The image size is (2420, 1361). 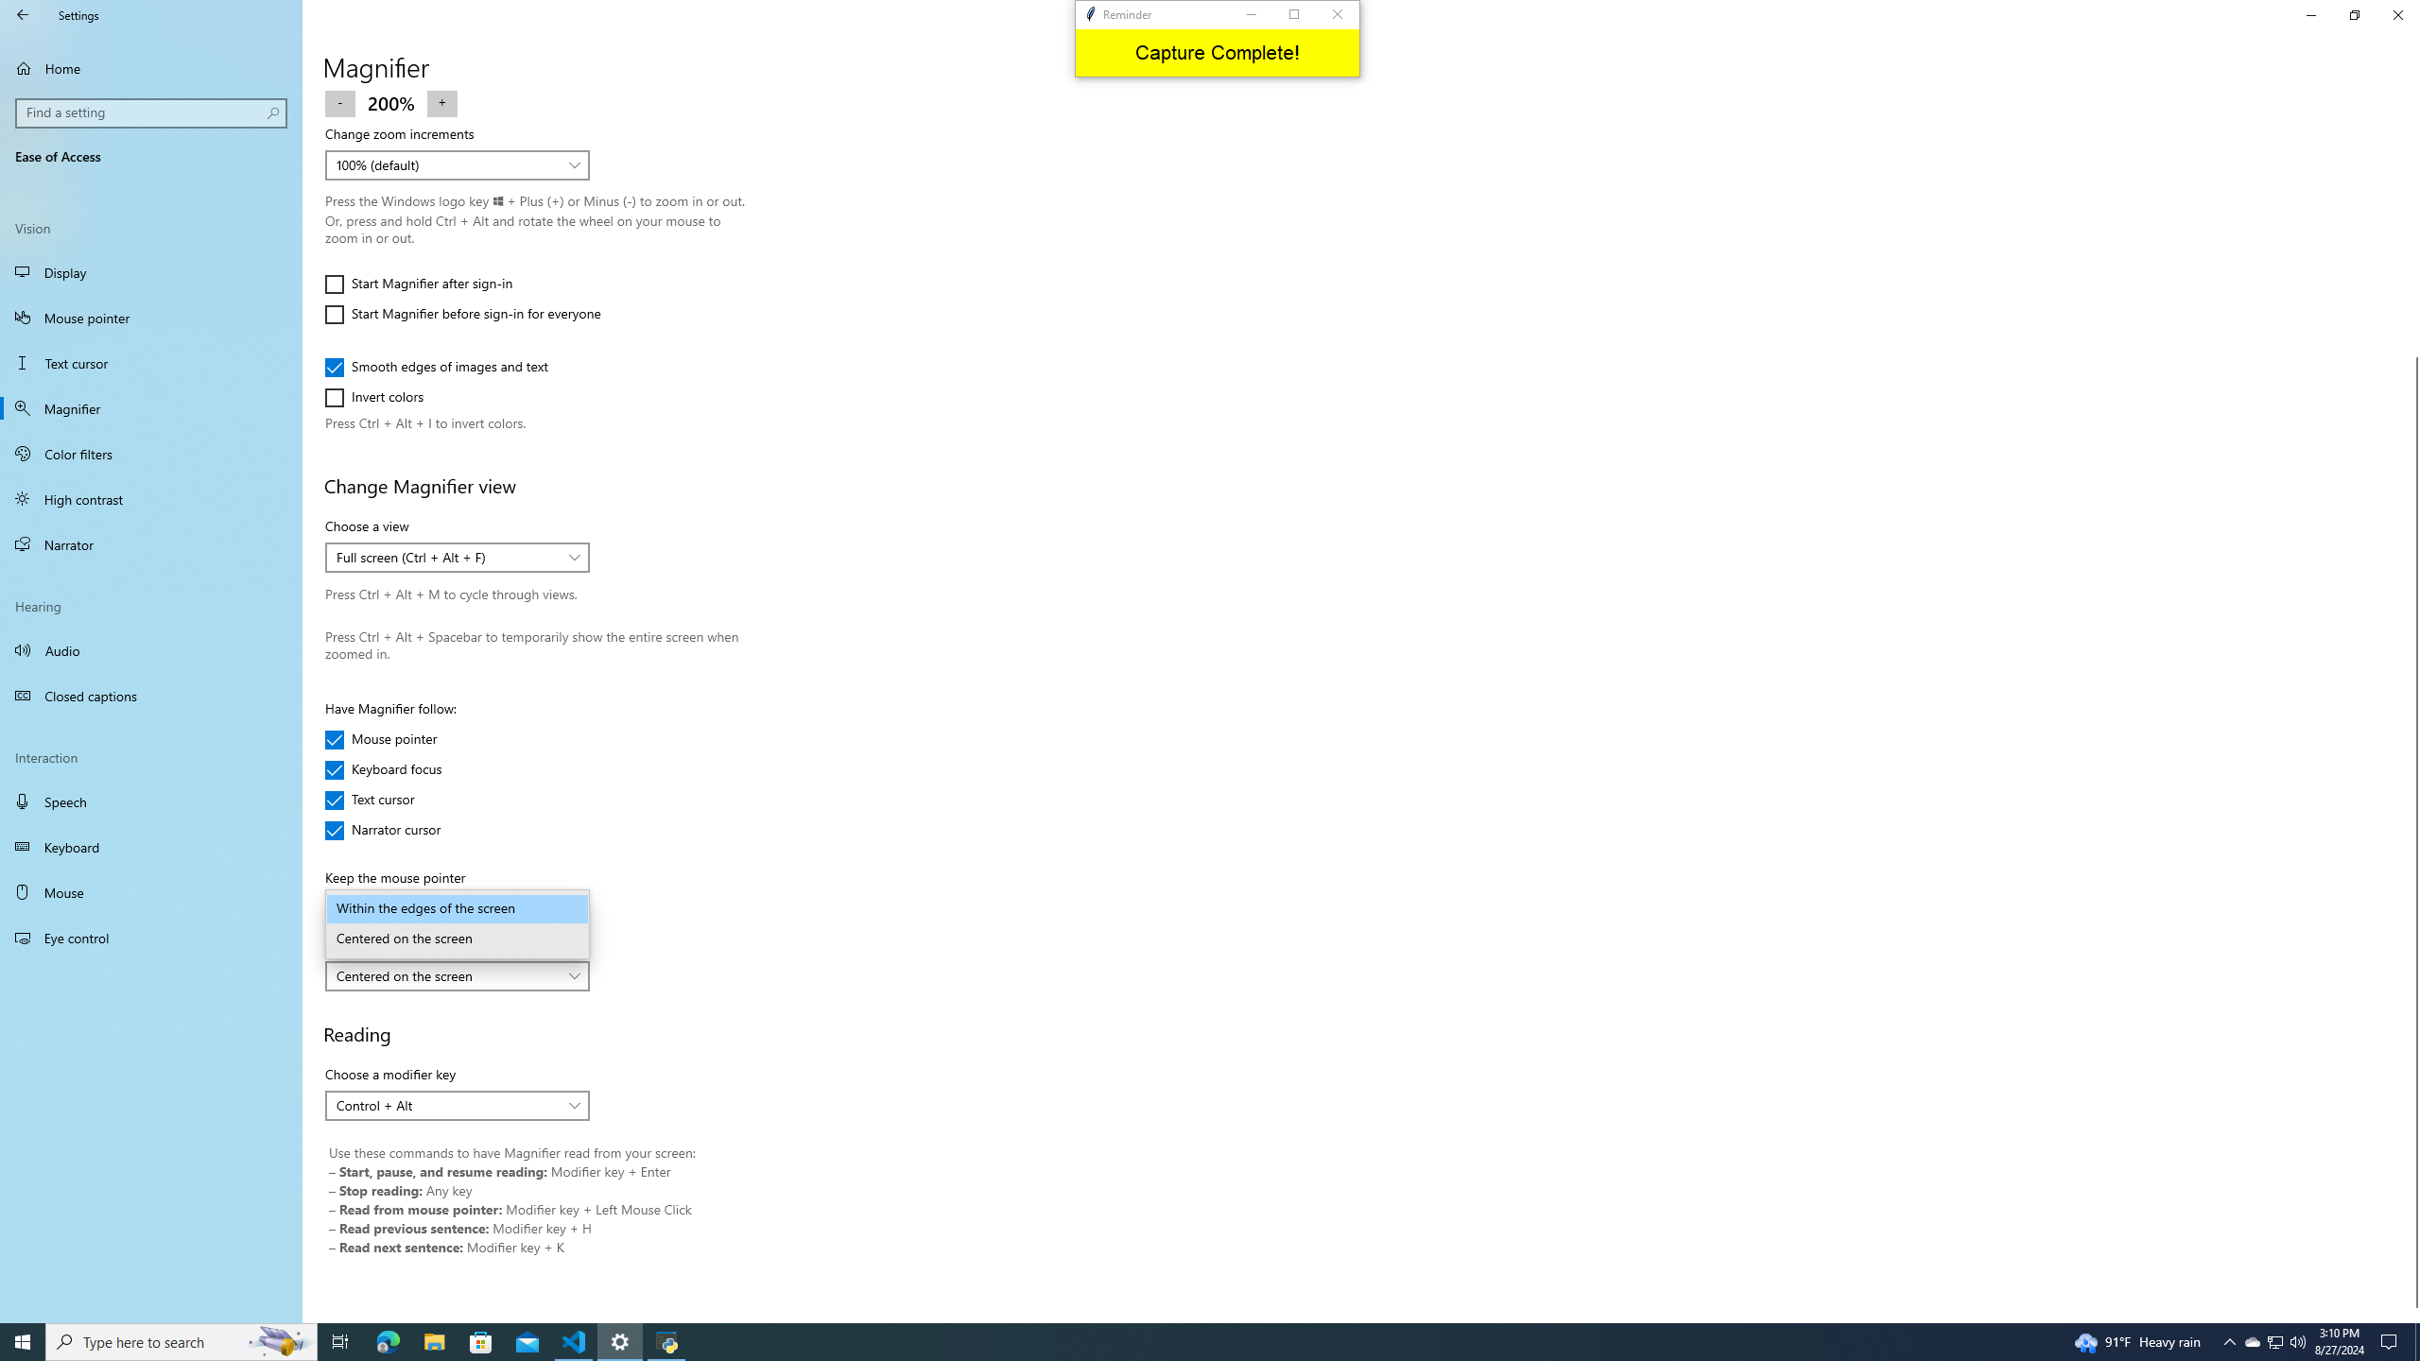 I want to click on 'Within the edges of the screen', so click(x=456, y=908).